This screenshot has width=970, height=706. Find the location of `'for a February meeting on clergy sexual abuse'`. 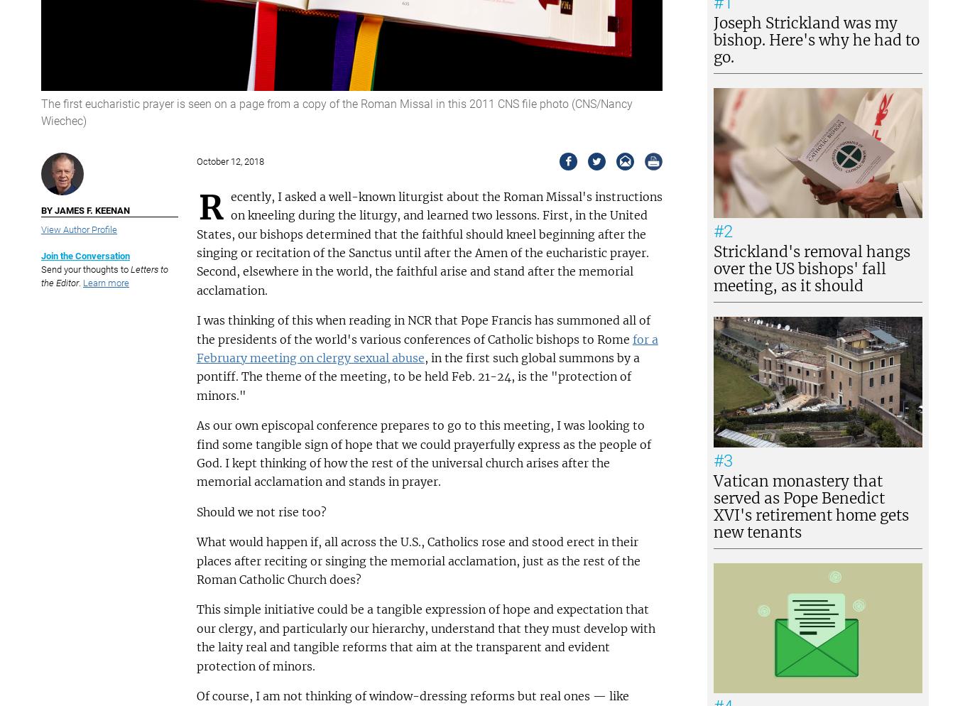

'for a February meeting on clergy sexual abuse' is located at coordinates (195, 347).